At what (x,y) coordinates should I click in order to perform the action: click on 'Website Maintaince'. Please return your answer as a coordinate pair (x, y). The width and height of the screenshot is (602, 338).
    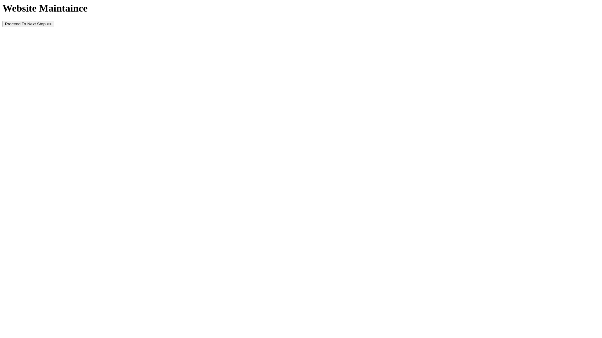
    Looking at the image, I should click on (45, 8).